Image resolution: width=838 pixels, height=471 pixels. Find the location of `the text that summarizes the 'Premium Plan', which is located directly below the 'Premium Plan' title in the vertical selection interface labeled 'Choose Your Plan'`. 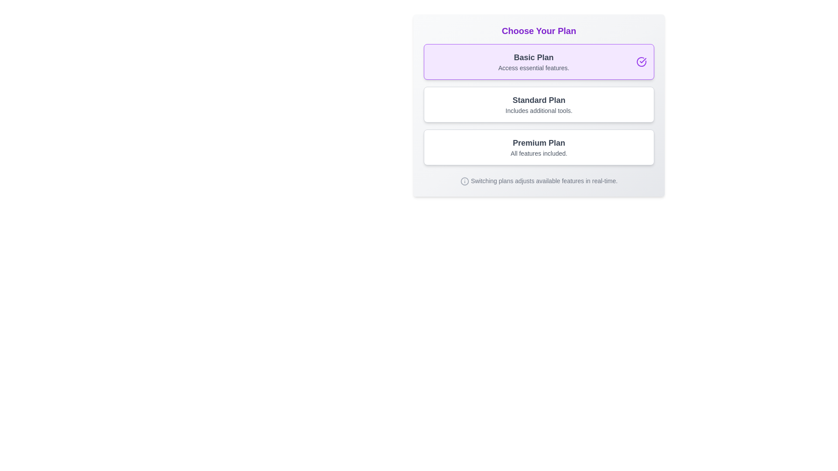

the text that summarizes the 'Premium Plan', which is located directly below the 'Premium Plan' title in the vertical selection interface labeled 'Choose Your Plan' is located at coordinates (538, 153).